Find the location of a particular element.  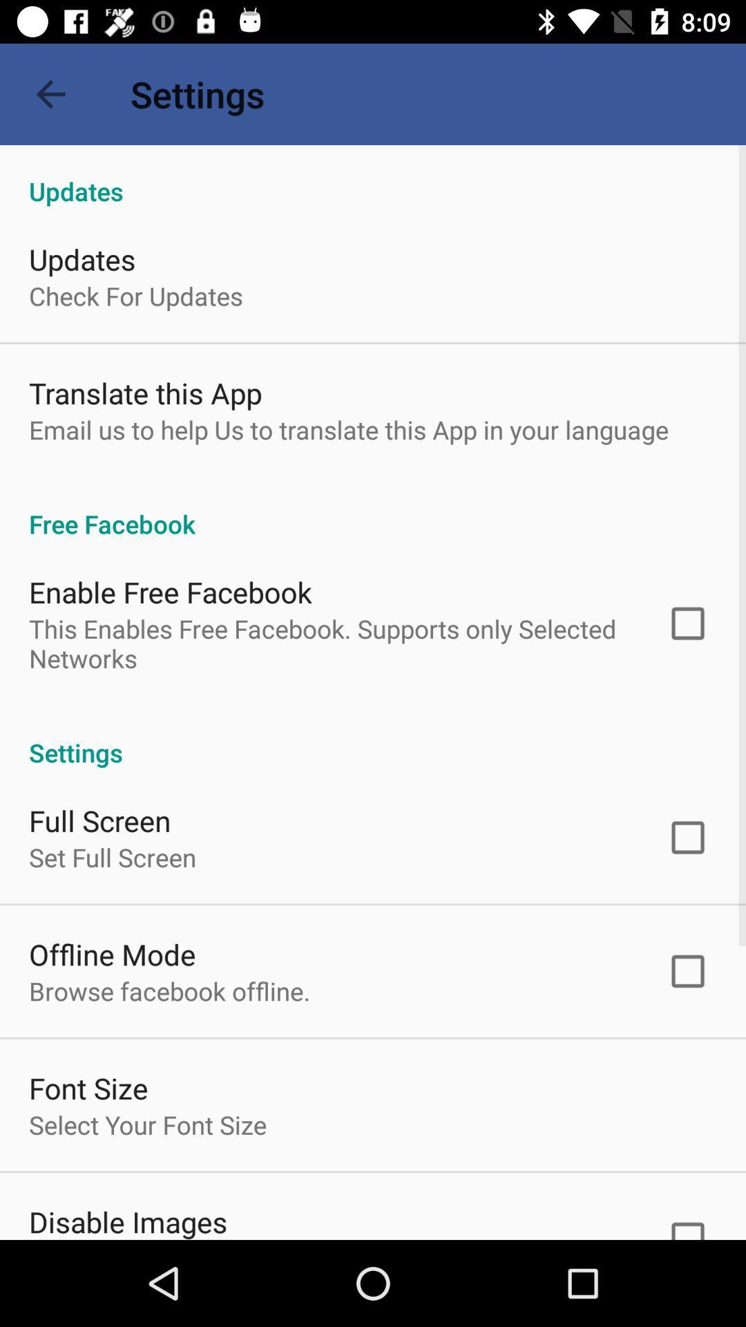

icon below offline mode item is located at coordinates (169, 990).